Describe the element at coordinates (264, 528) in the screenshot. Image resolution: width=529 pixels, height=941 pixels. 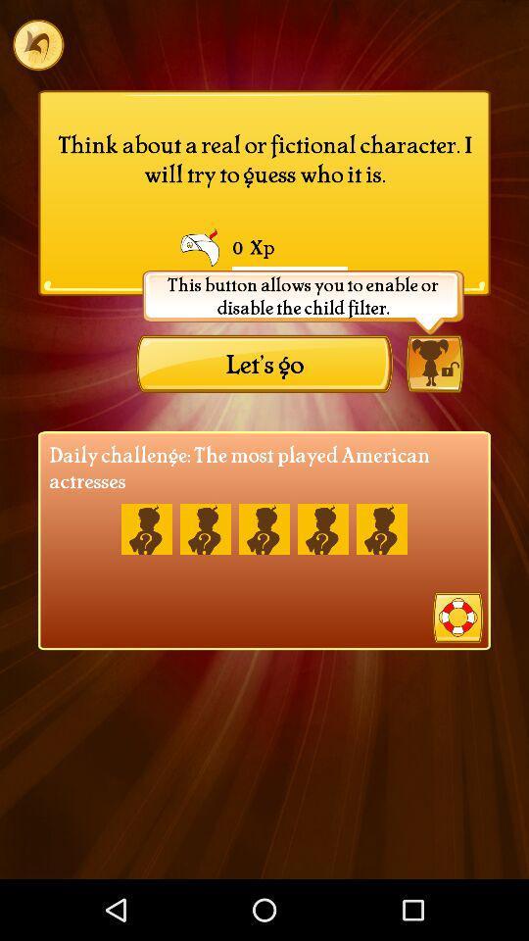
I see `the 3rd image in the last box` at that location.